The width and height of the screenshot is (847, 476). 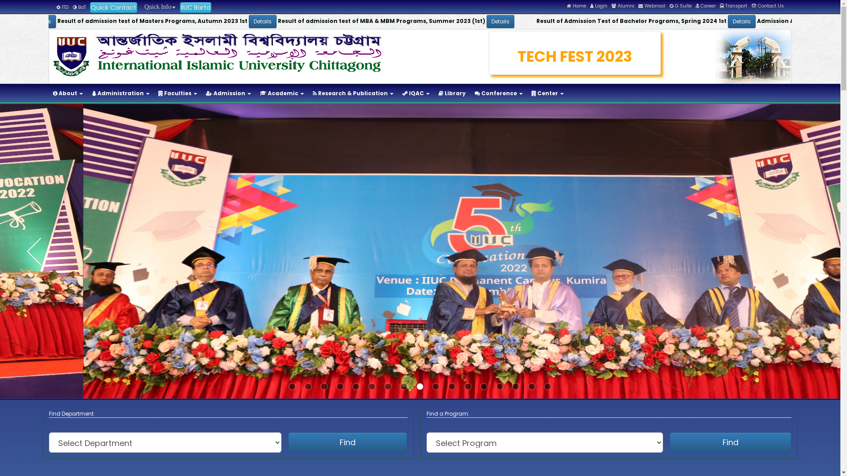 I want to click on 'ITD', so click(x=62, y=7).